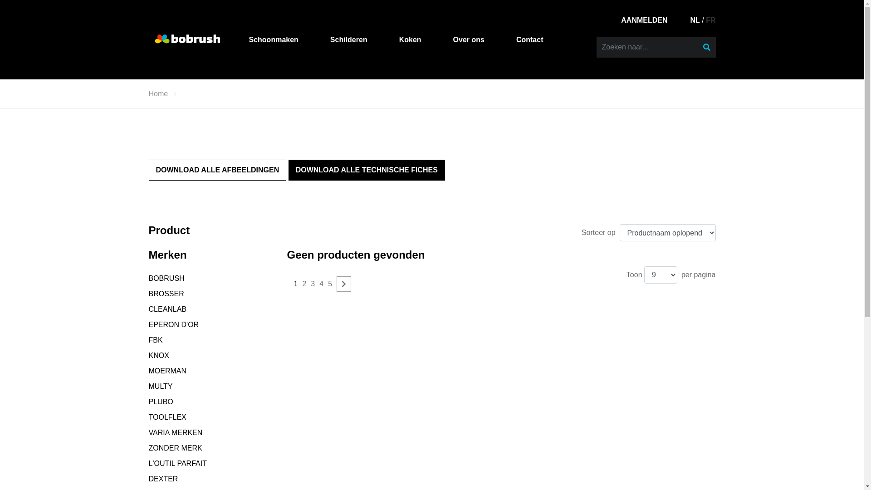 The height and width of the screenshot is (490, 871). Describe the element at coordinates (410, 39) in the screenshot. I see `'Koken'` at that location.